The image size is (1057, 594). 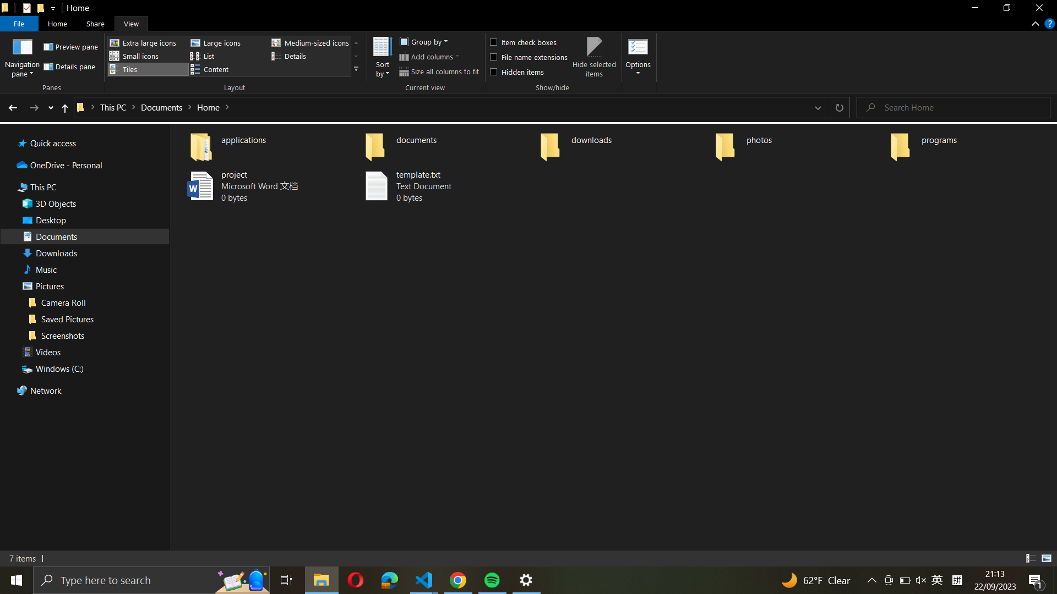 I want to click on the "downloads" folder and select all files, so click(x=623, y=144).